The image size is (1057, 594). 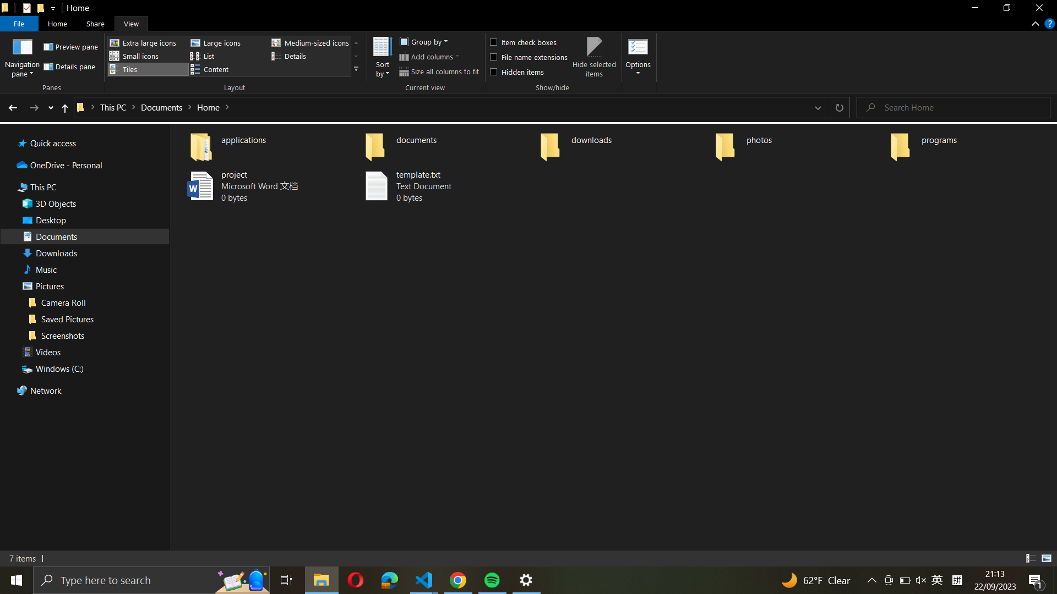 I want to click on the "downloads" folder and select all files, so click(x=623, y=144).